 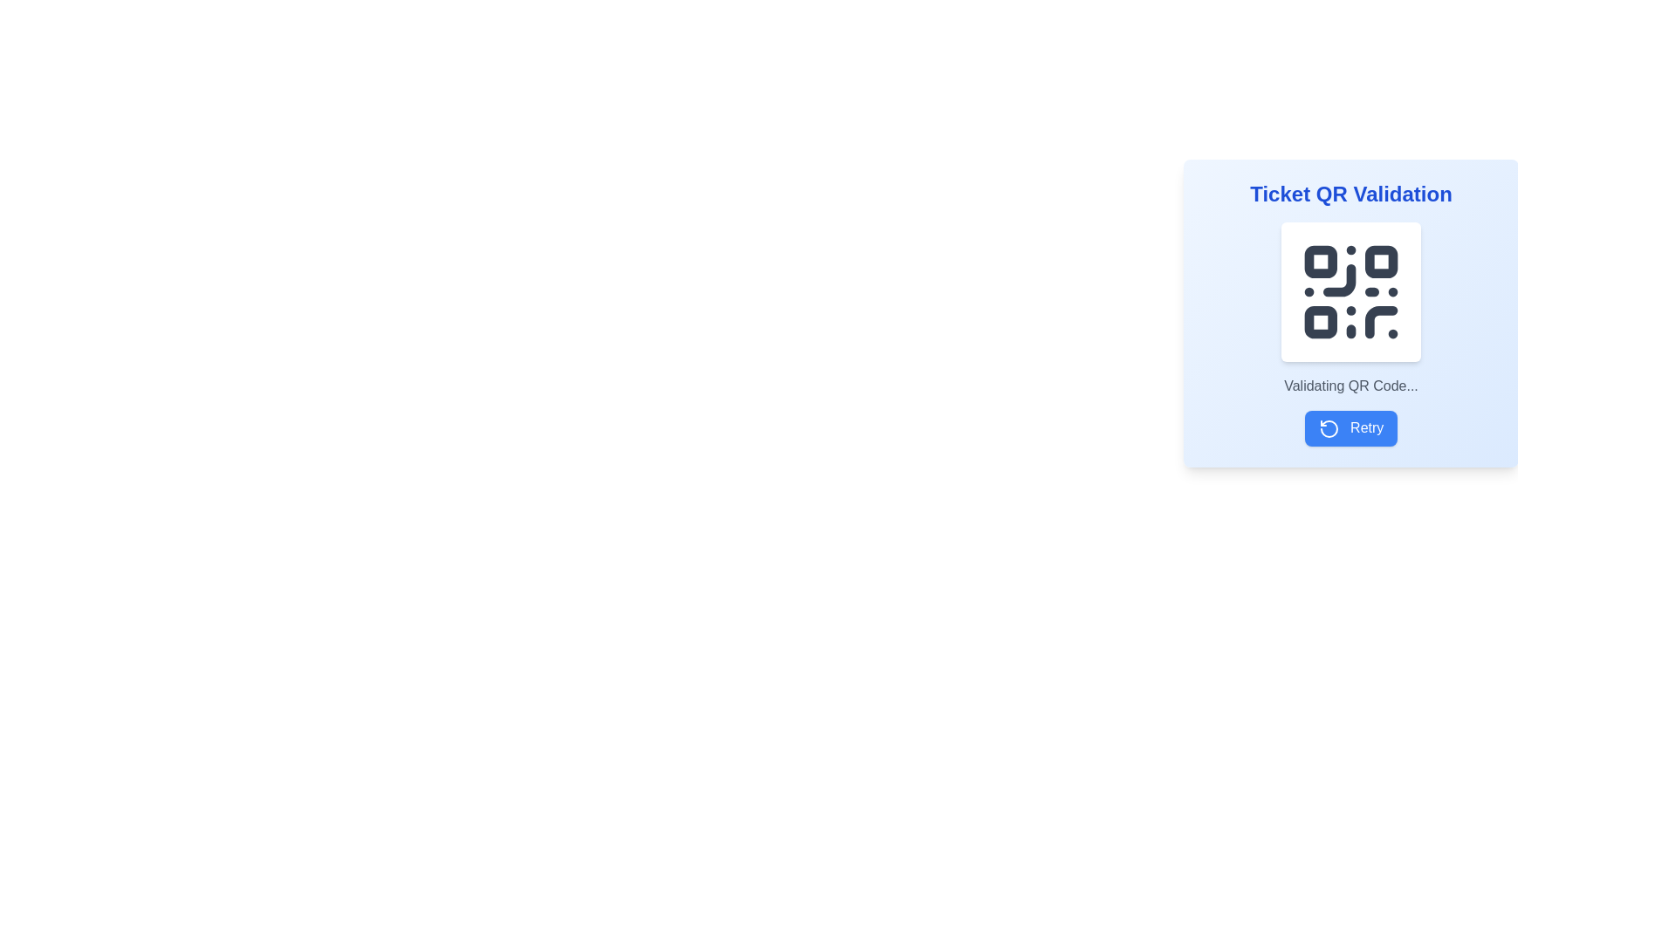 I want to click on the 'Retry' button located at the bottom center of the card interface for validating a QR code, so click(x=1350, y=428).